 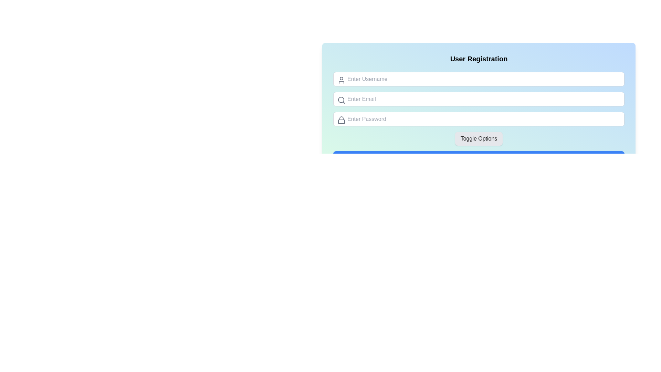 What do you see at coordinates (342, 120) in the screenshot?
I see `the gray lock icon located in the top-left region of the 'Enter Password' field, adjacent to the password input text box` at bounding box center [342, 120].